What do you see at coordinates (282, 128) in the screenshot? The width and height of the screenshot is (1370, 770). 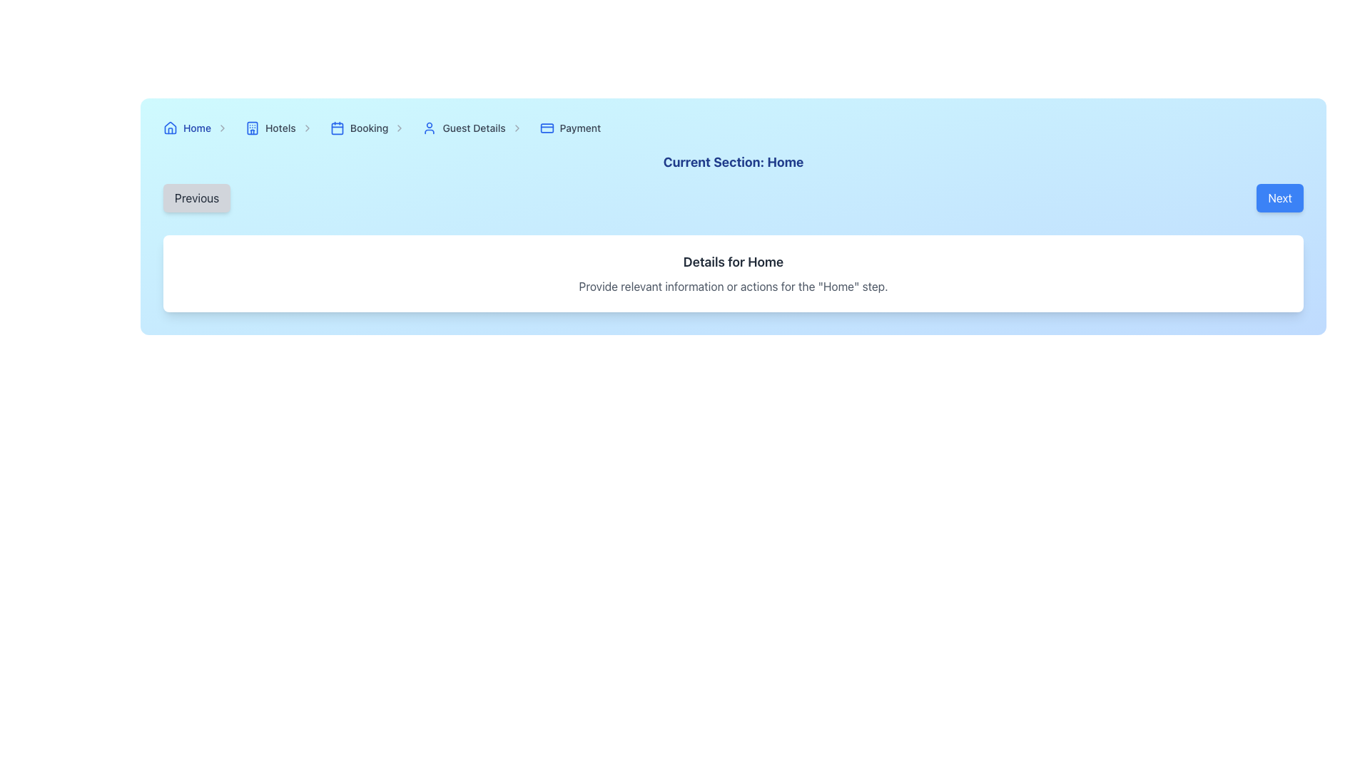 I see `the breadcrumb link for 'Hotels'` at bounding box center [282, 128].